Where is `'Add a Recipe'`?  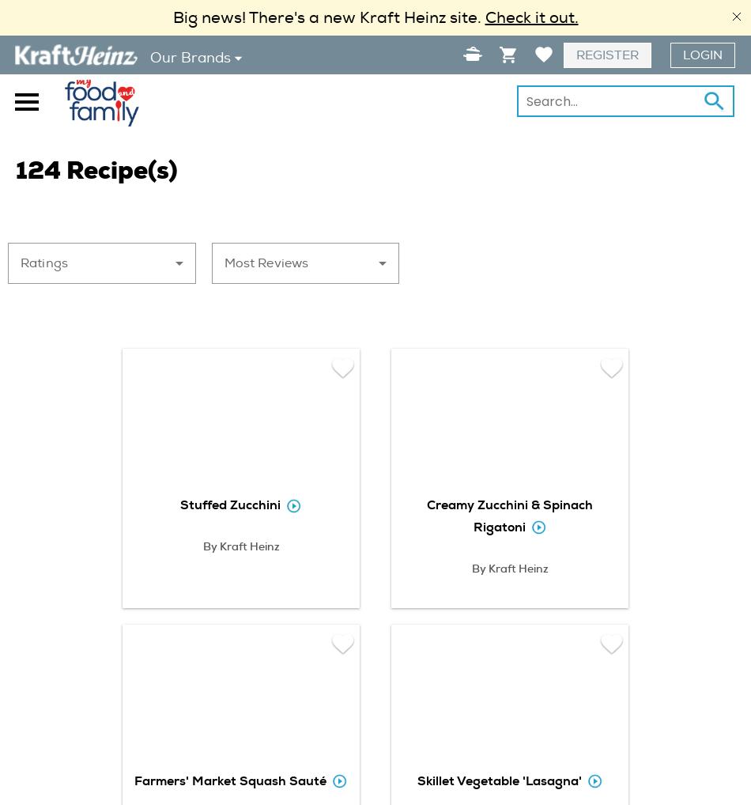
'Add a Recipe' is located at coordinates (435, 88).